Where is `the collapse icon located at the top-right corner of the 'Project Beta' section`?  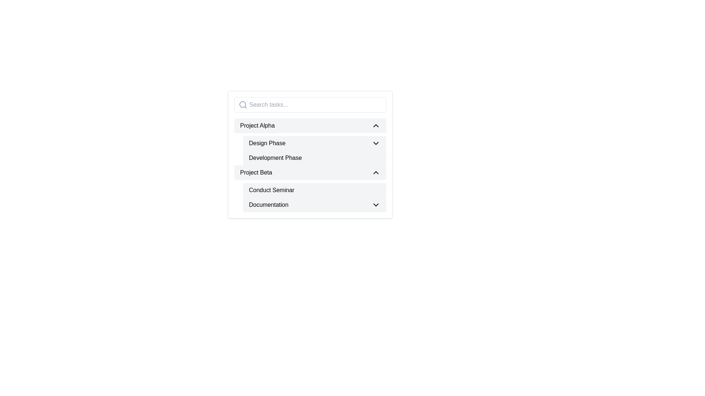
the collapse icon located at the top-right corner of the 'Project Beta' section is located at coordinates (376, 172).